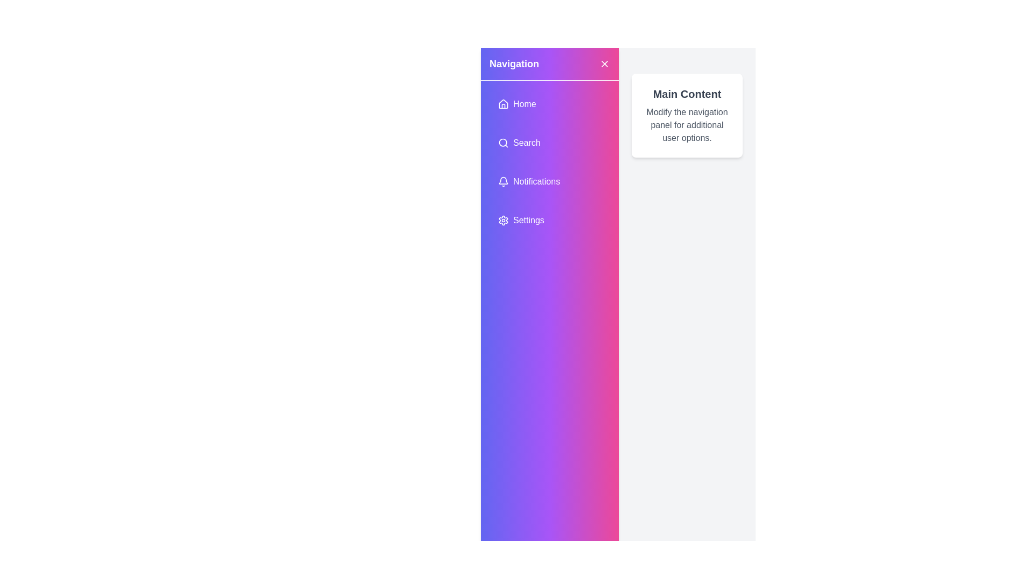  I want to click on the gear icon representing the settings functionality located in the vertical navigation menu, directly to the left of the 'Settings' text label, so click(503, 219).